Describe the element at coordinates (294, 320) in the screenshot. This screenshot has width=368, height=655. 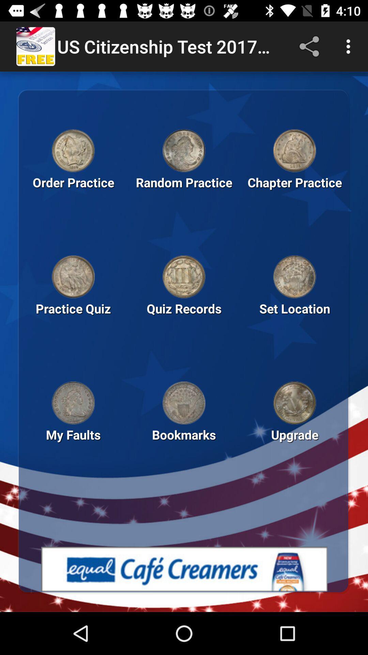
I see `the text which is right to the text quiz records` at that location.